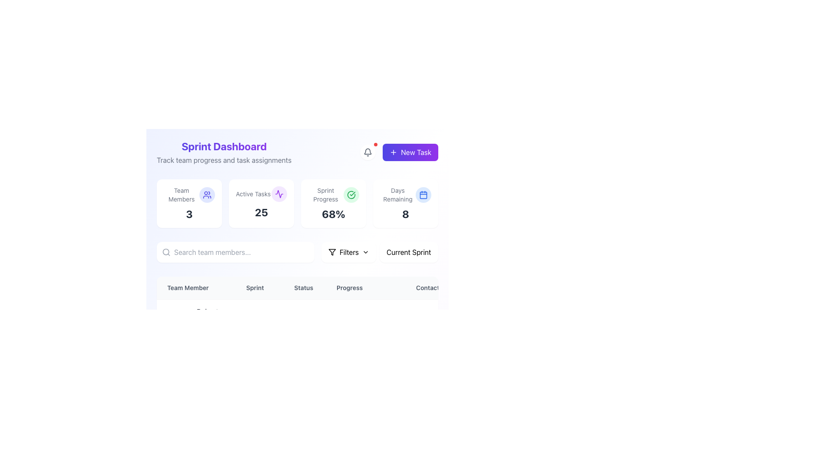 Image resolution: width=834 pixels, height=469 pixels. I want to click on the graphical representation of an activity graph with a purple stroke color, located at the top right corner of the UI, adjacent to the 'New Task' button, so click(279, 194).